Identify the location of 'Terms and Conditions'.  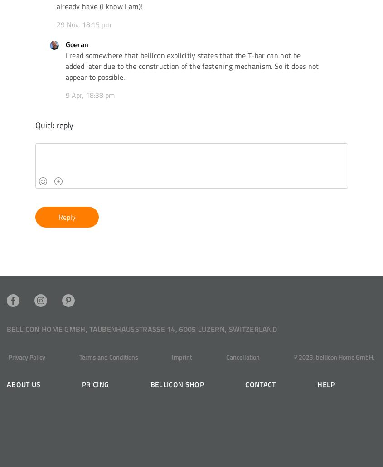
(107, 356).